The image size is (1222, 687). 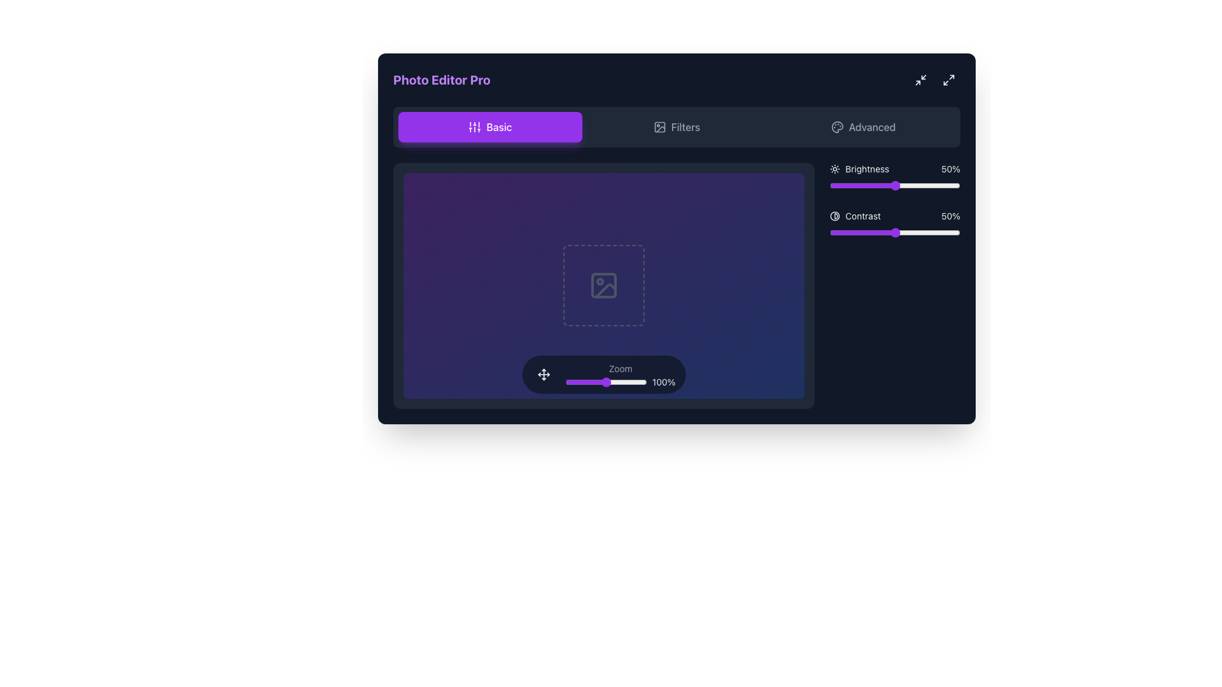 What do you see at coordinates (855, 215) in the screenshot?
I see `'Contrast' adjustment label with an informational icon located below the 'Brightness' control on the right panel` at bounding box center [855, 215].